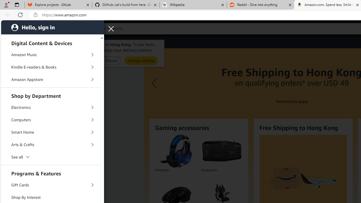  What do you see at coordinates (52, 27) in the screenshot?
I see `'Hello, sign in'` at bounding box center [52, 27].